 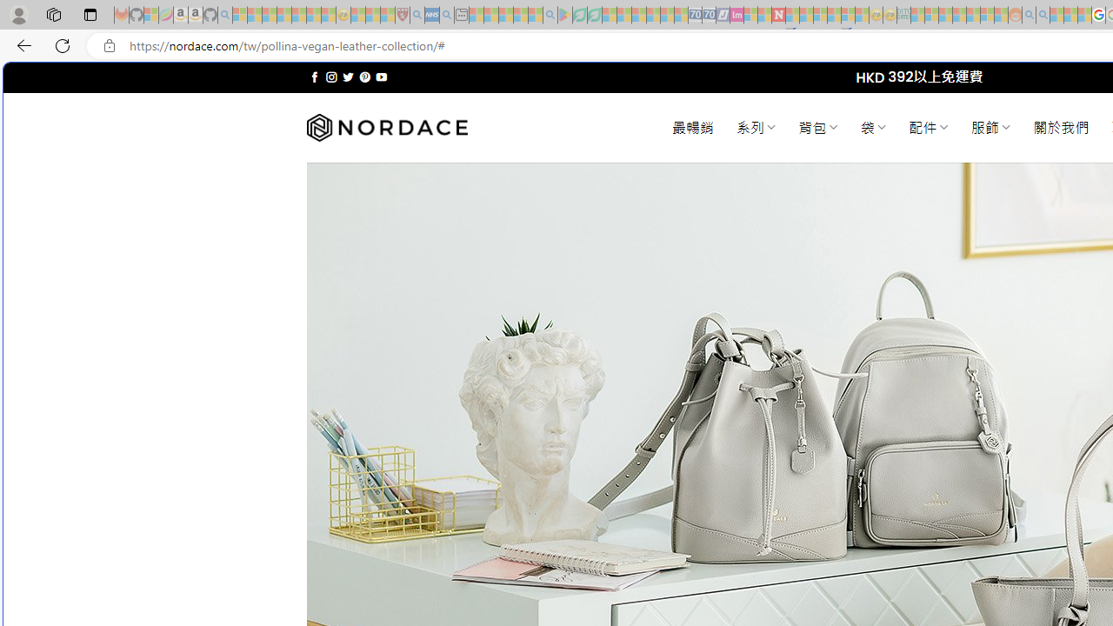 What do you see at coordinates (381, 77) in the screenshot?
I see `'Follow on YouTube'` at bounding box center [381, 77].